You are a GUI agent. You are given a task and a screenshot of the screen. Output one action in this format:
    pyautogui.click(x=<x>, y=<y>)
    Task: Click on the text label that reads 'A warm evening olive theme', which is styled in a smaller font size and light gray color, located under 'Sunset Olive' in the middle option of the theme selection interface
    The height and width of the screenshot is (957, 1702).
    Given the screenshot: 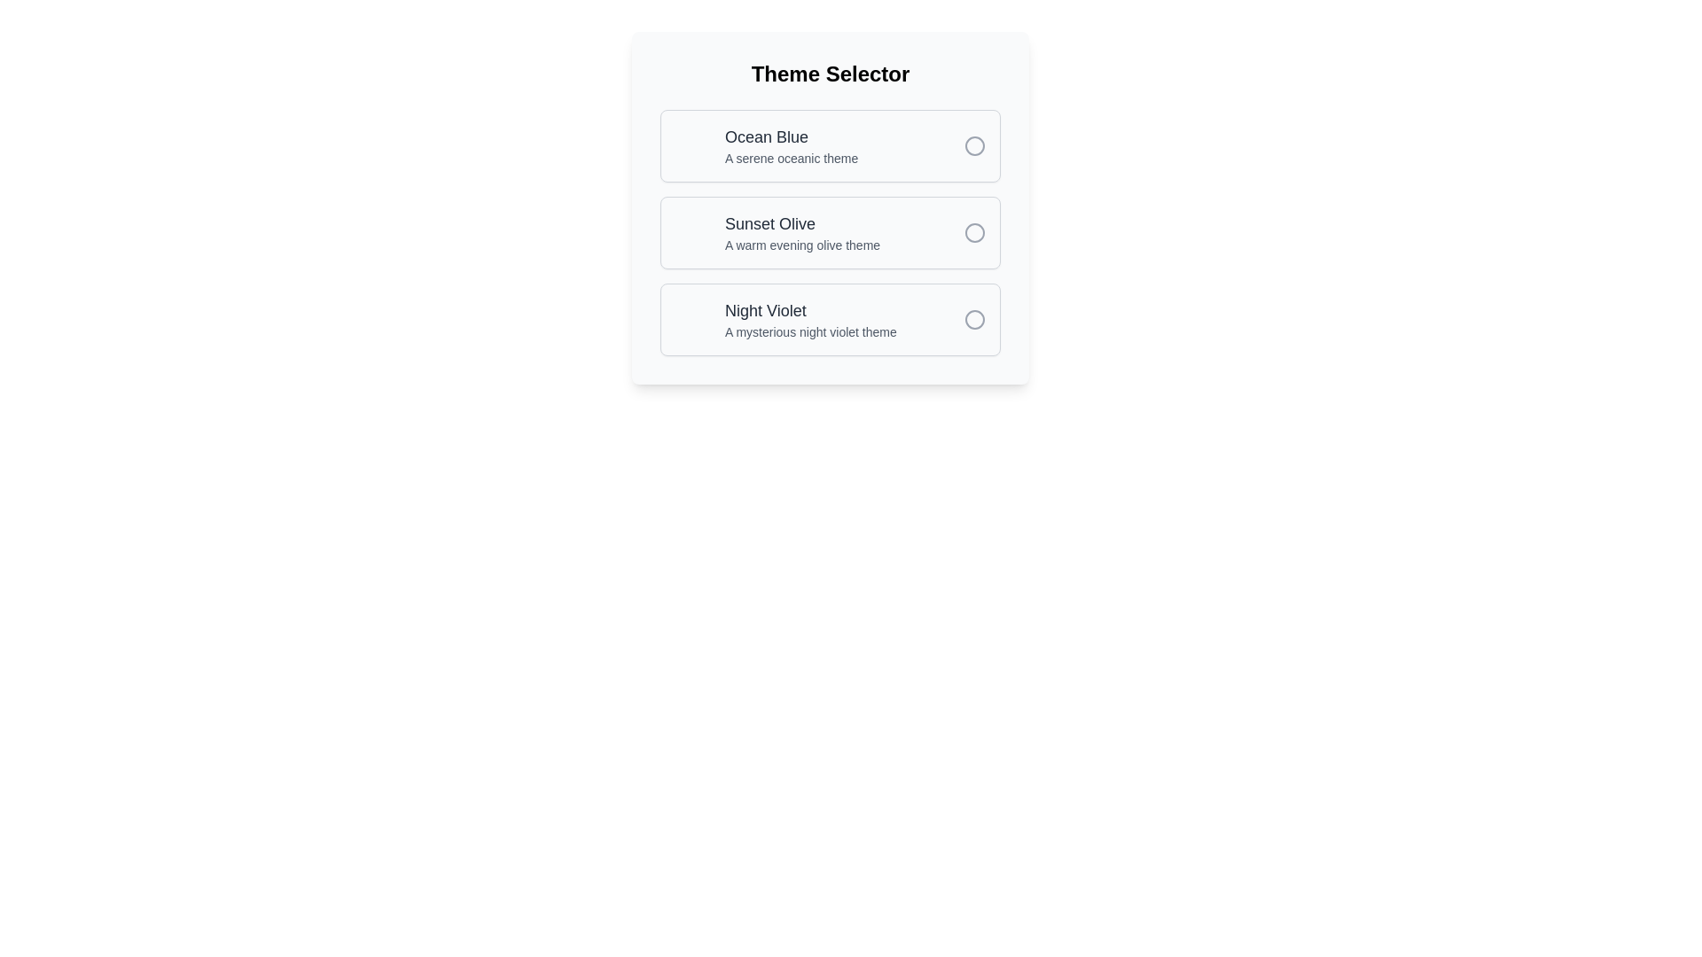 What is the action you would take?
    pyautogui.click(x=801, y=245)
    